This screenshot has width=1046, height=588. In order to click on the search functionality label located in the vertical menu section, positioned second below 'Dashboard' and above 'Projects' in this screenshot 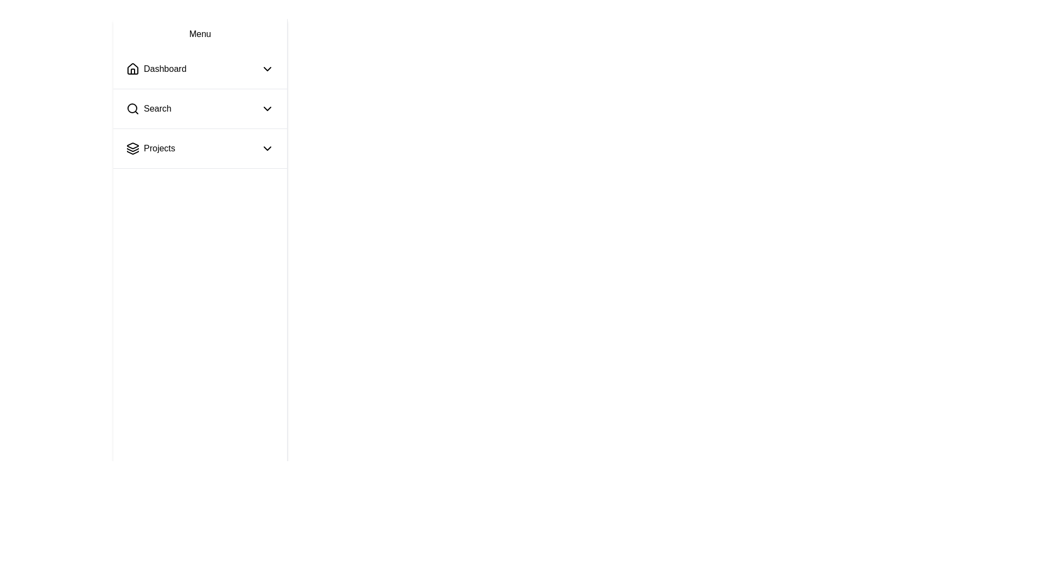, I will do `click(156, 109)`.